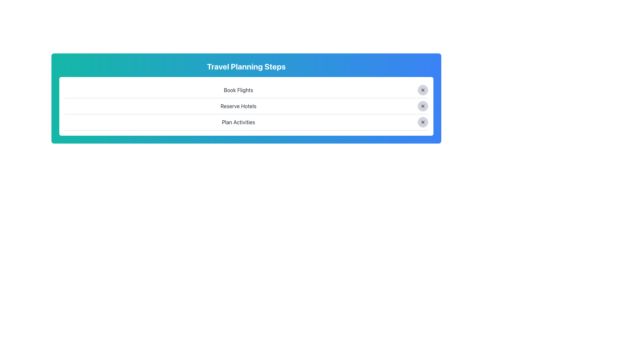  What do you see at coordinates (246, 122) in the screenshot?
I see `the 'Plan Activities' list item, which displays the text in black font and has a circular button with an 'x' icon on the right` at bounding box center [246, 122].